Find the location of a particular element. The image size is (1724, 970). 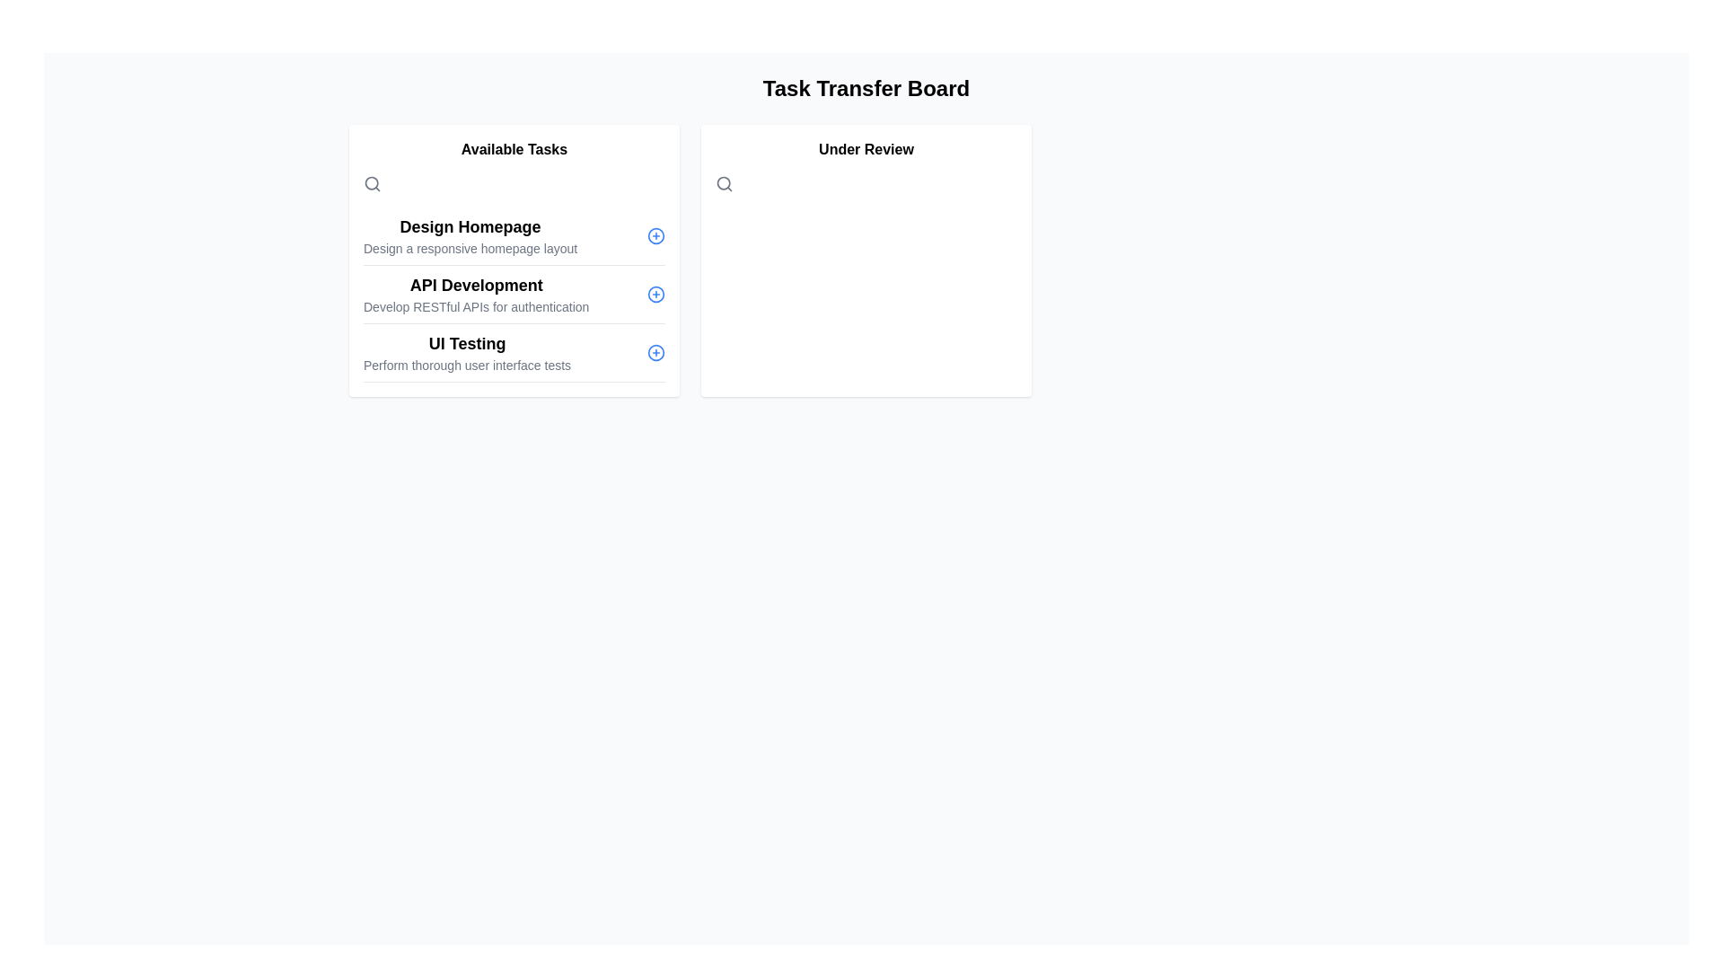

the List item labeled 'Design Homepage' is located at coordinates (513, 235).